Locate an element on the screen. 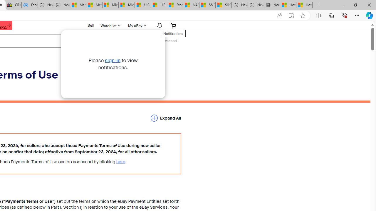 Image resolution: width=376 pixels, height=211 pixels. 'Expand Cart' is located at coordinates (173, 25).